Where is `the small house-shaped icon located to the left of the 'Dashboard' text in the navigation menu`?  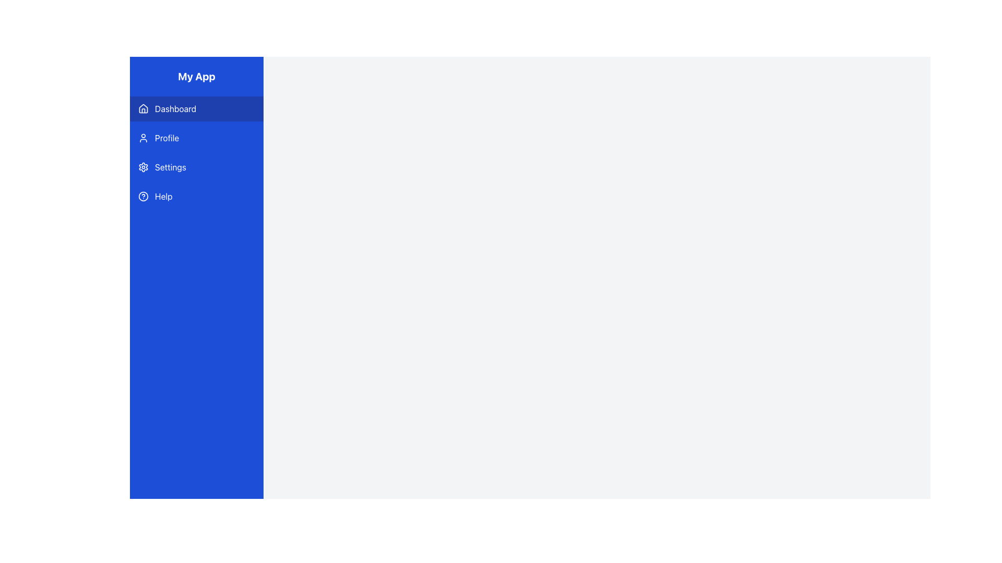
the small house-shaped icon located to the left of the 'Dashboard' text in the navigation menu is located at coordinates (142, 108).